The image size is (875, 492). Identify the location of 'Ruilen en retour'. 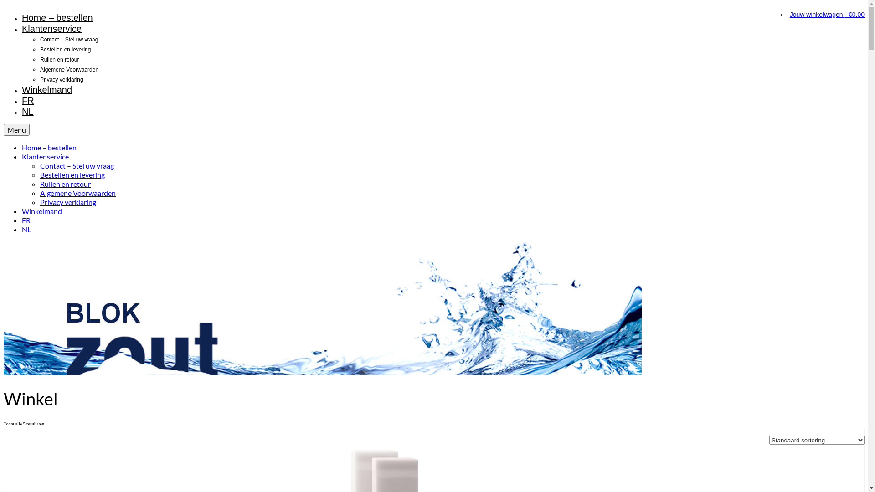
(39, 60).